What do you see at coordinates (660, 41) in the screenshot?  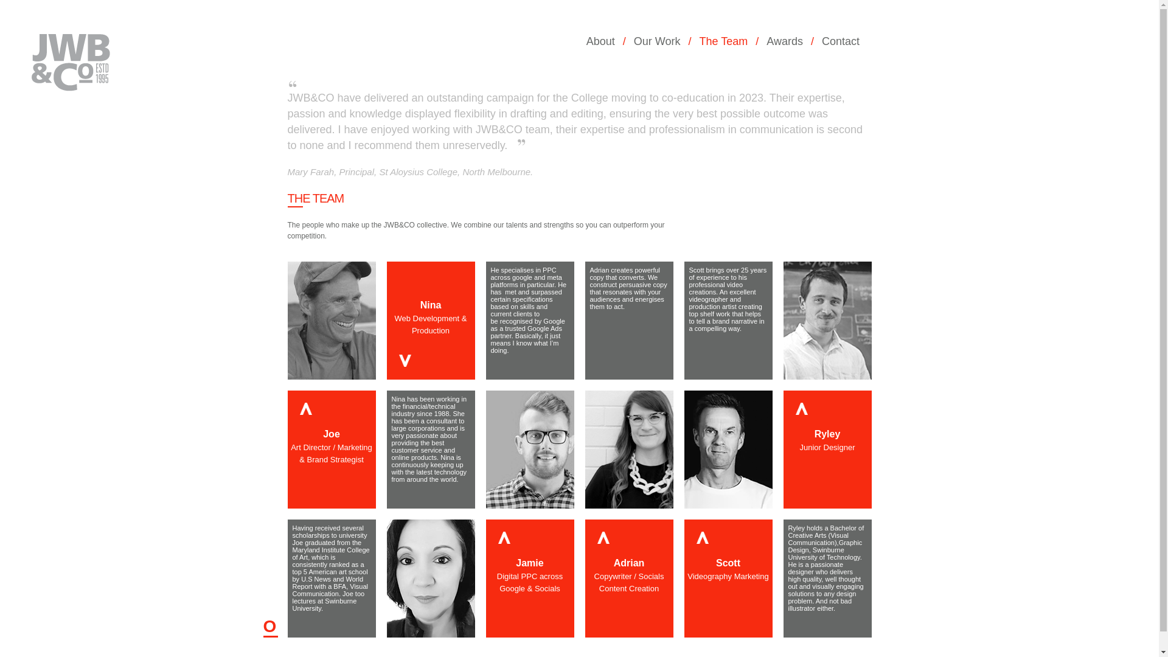 I see `'Our Work'` at bounding box center [660, 41].